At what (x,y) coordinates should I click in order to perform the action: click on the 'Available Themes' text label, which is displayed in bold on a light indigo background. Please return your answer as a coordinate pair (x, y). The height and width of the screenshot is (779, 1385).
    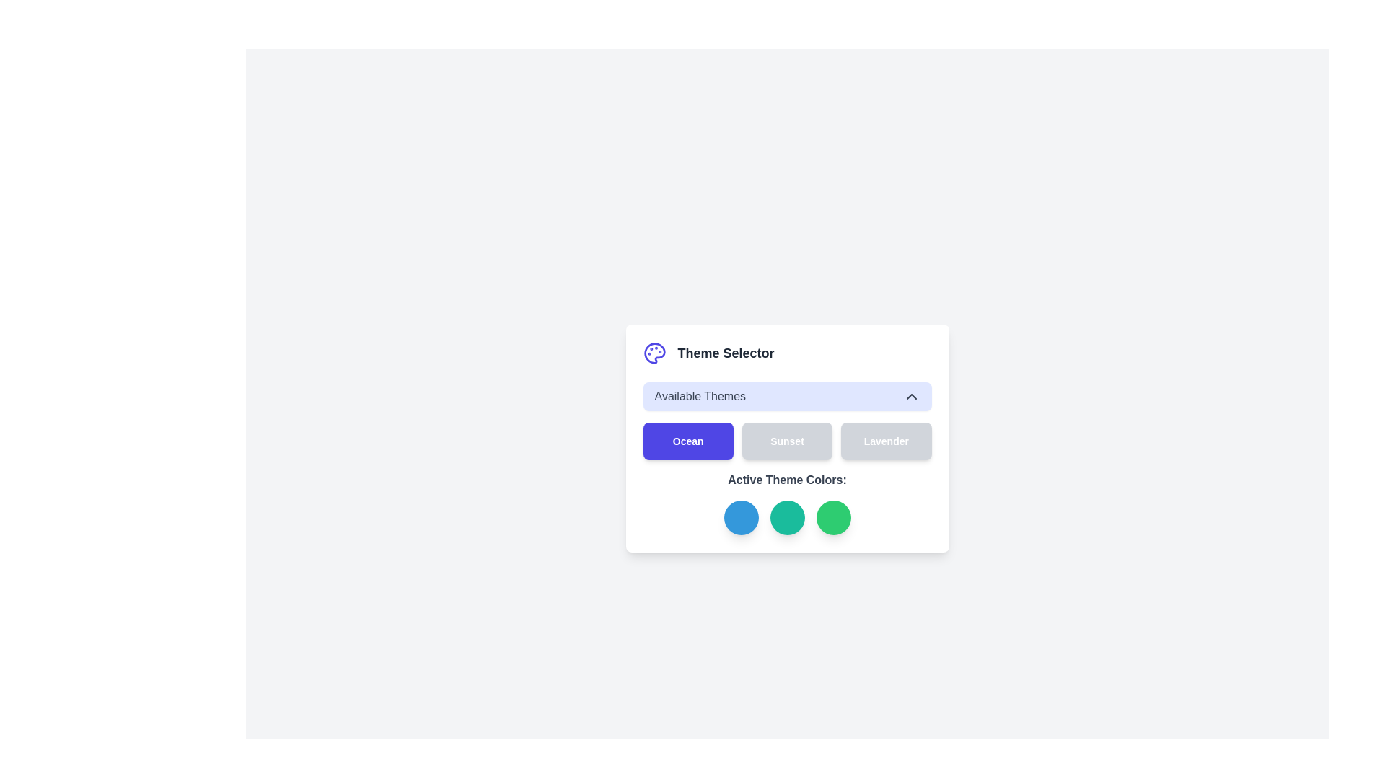
    Looking at the image, I should click on (700, 397).